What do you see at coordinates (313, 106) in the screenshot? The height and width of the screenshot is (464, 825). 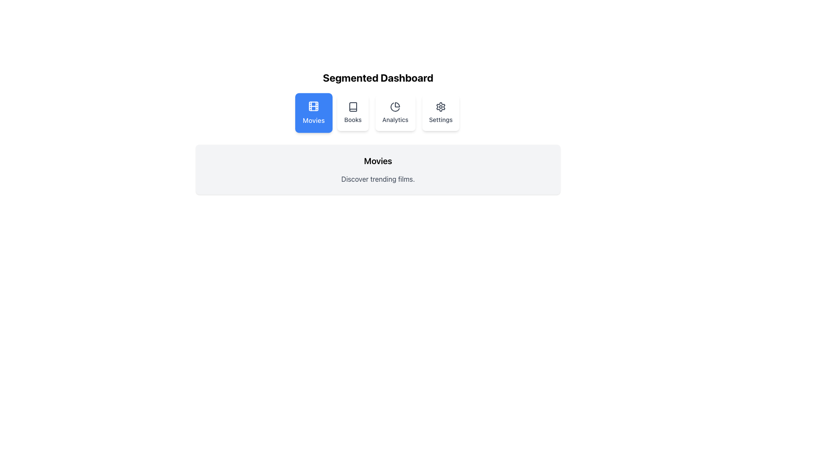 I see `the 'Movies' icon, which is the leftmost button in a group of four buttons at the top center of the interface, providing a visual cue for the 'Movies' section` at bounding box center [313, 106].